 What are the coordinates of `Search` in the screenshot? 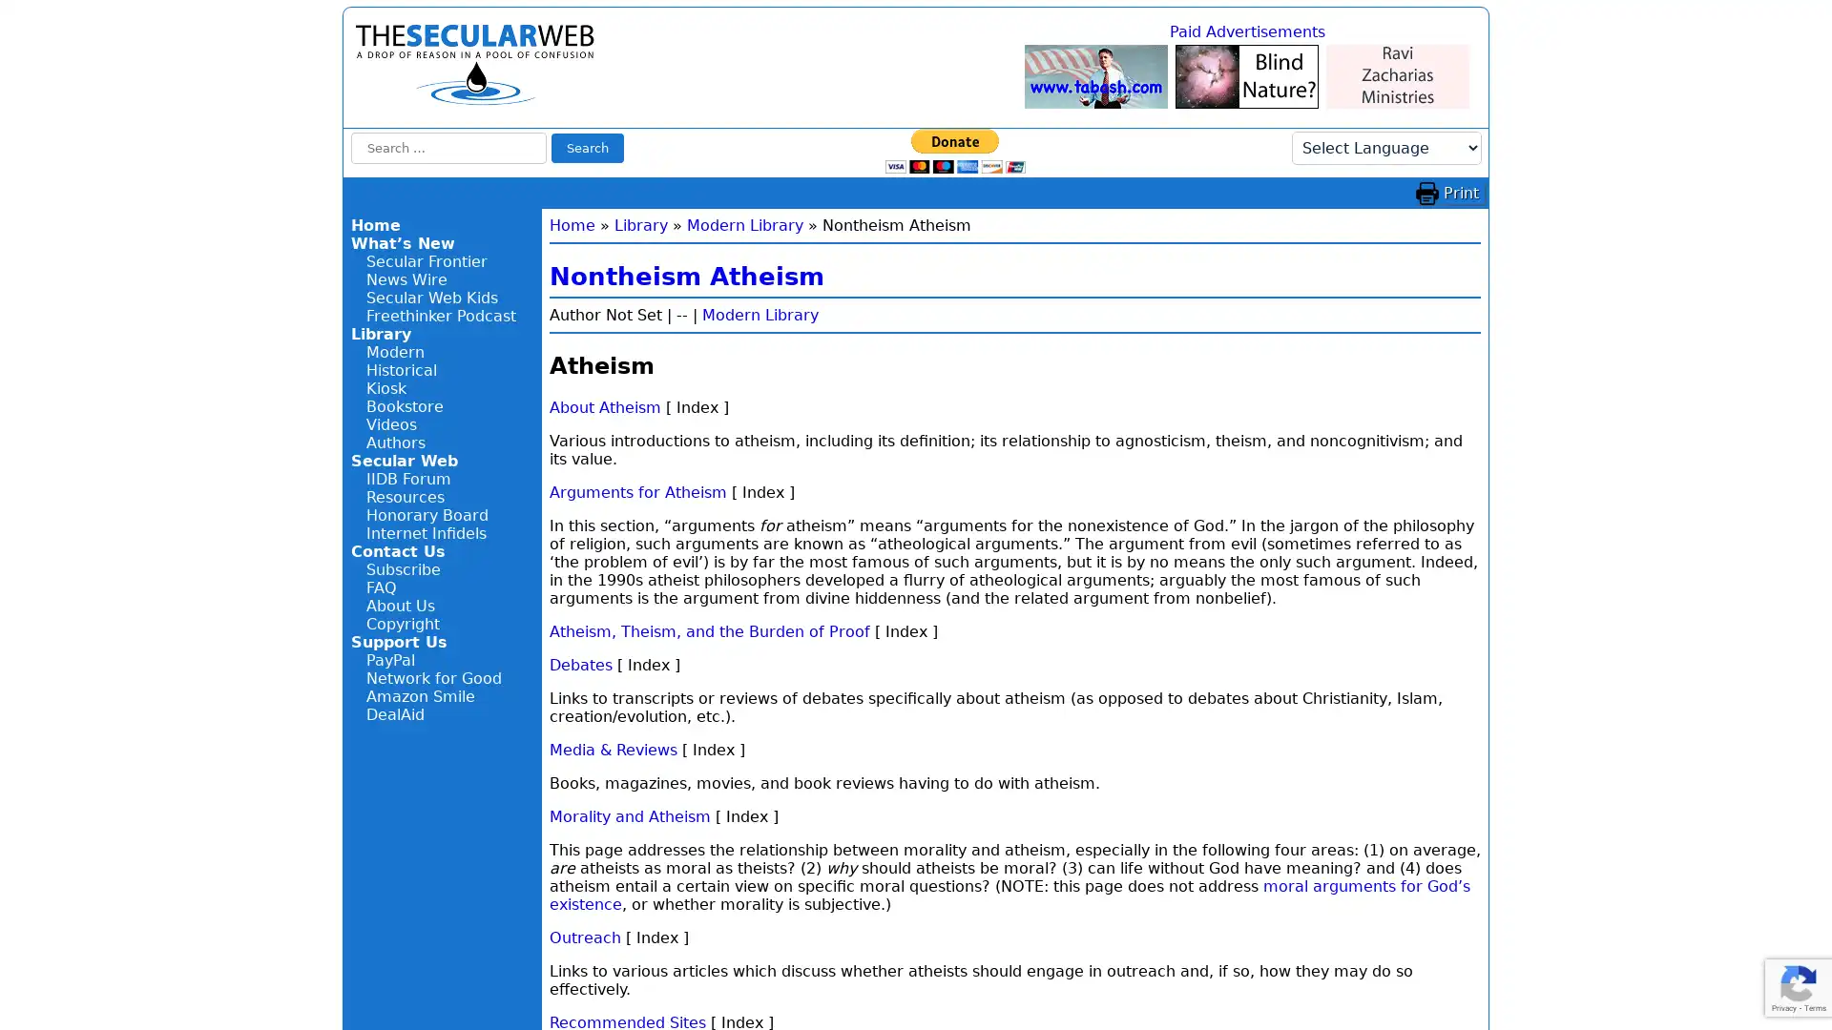 It's located at (586, 147).